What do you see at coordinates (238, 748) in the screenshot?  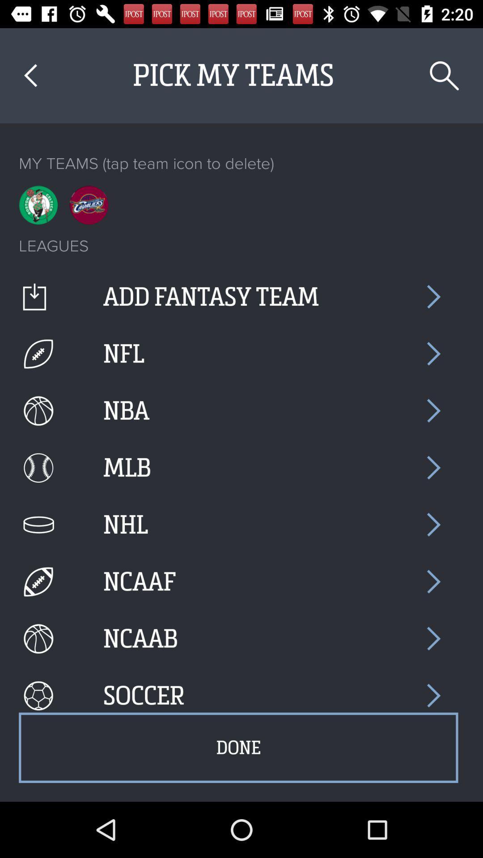 I see `the done item` at bounding box center [238, 748].